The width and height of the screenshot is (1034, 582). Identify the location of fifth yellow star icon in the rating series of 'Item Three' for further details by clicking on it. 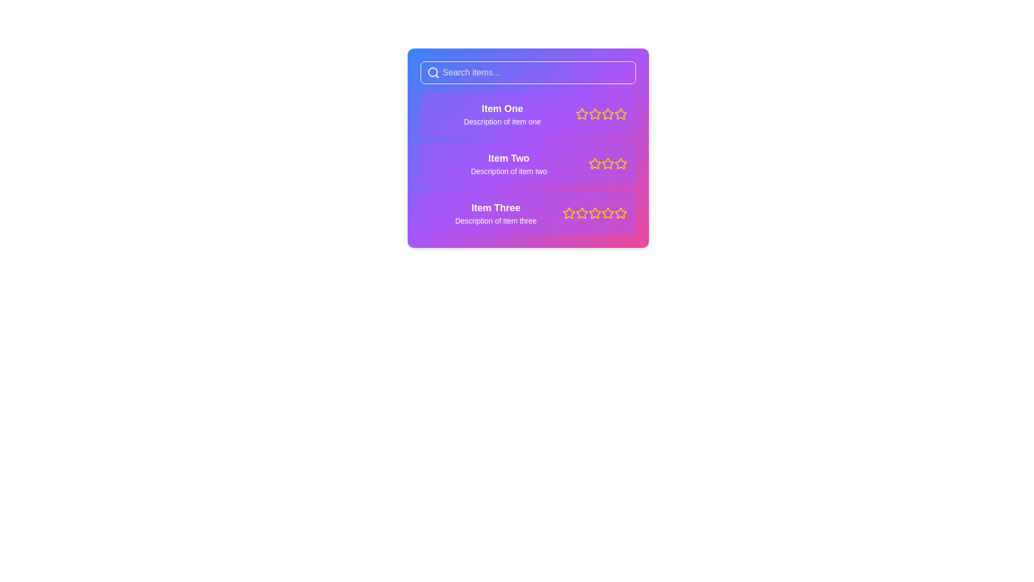
(607, 212).